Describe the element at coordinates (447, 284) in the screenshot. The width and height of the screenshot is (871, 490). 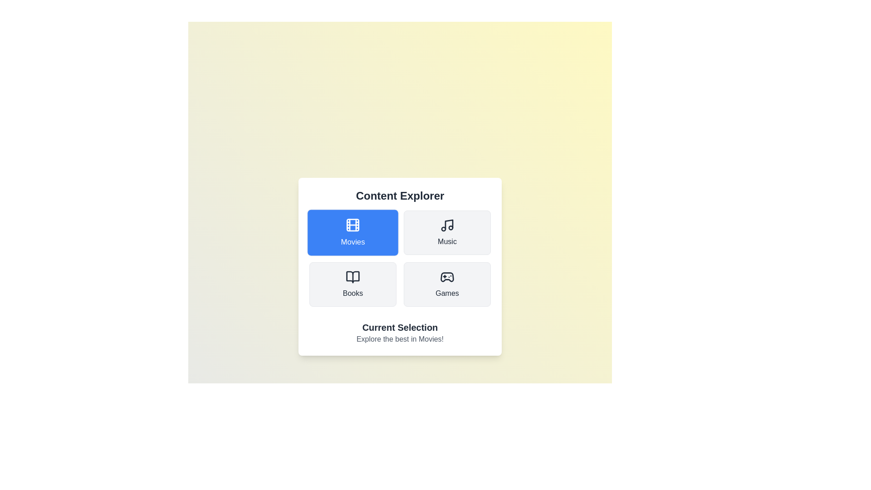
I see `the category Games by clicking on its button` at that location.